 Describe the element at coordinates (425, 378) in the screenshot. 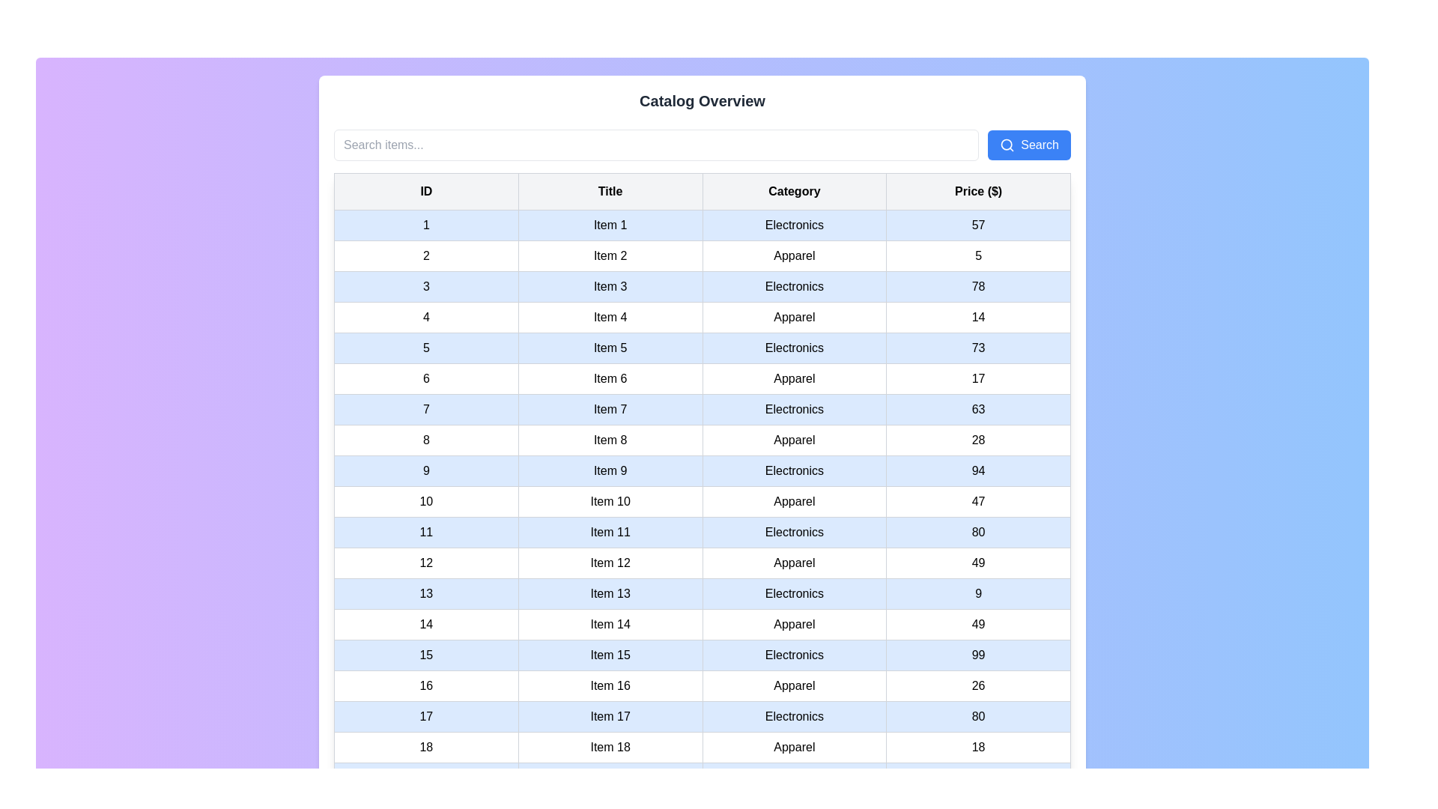

I see `value '6' from the ID table cell located in the 6th row of the table` at that location.